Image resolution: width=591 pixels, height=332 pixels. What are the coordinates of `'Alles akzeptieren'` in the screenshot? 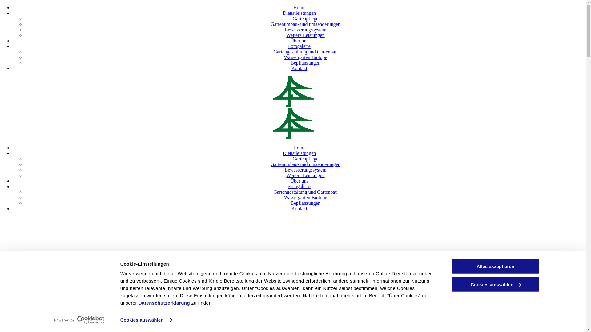 It's located at (451, 266).